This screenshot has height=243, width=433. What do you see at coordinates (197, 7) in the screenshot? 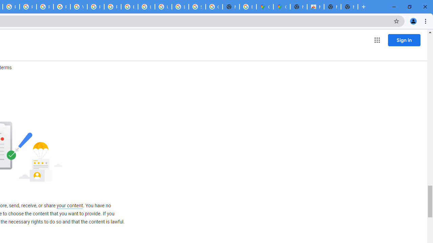
I see `'Sign in - Google Accounts'` at bounding box center [197, 7].